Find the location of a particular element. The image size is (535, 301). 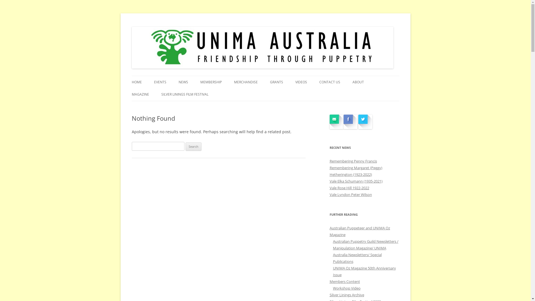

'GRANTS' is located at coordinates (276, 82).